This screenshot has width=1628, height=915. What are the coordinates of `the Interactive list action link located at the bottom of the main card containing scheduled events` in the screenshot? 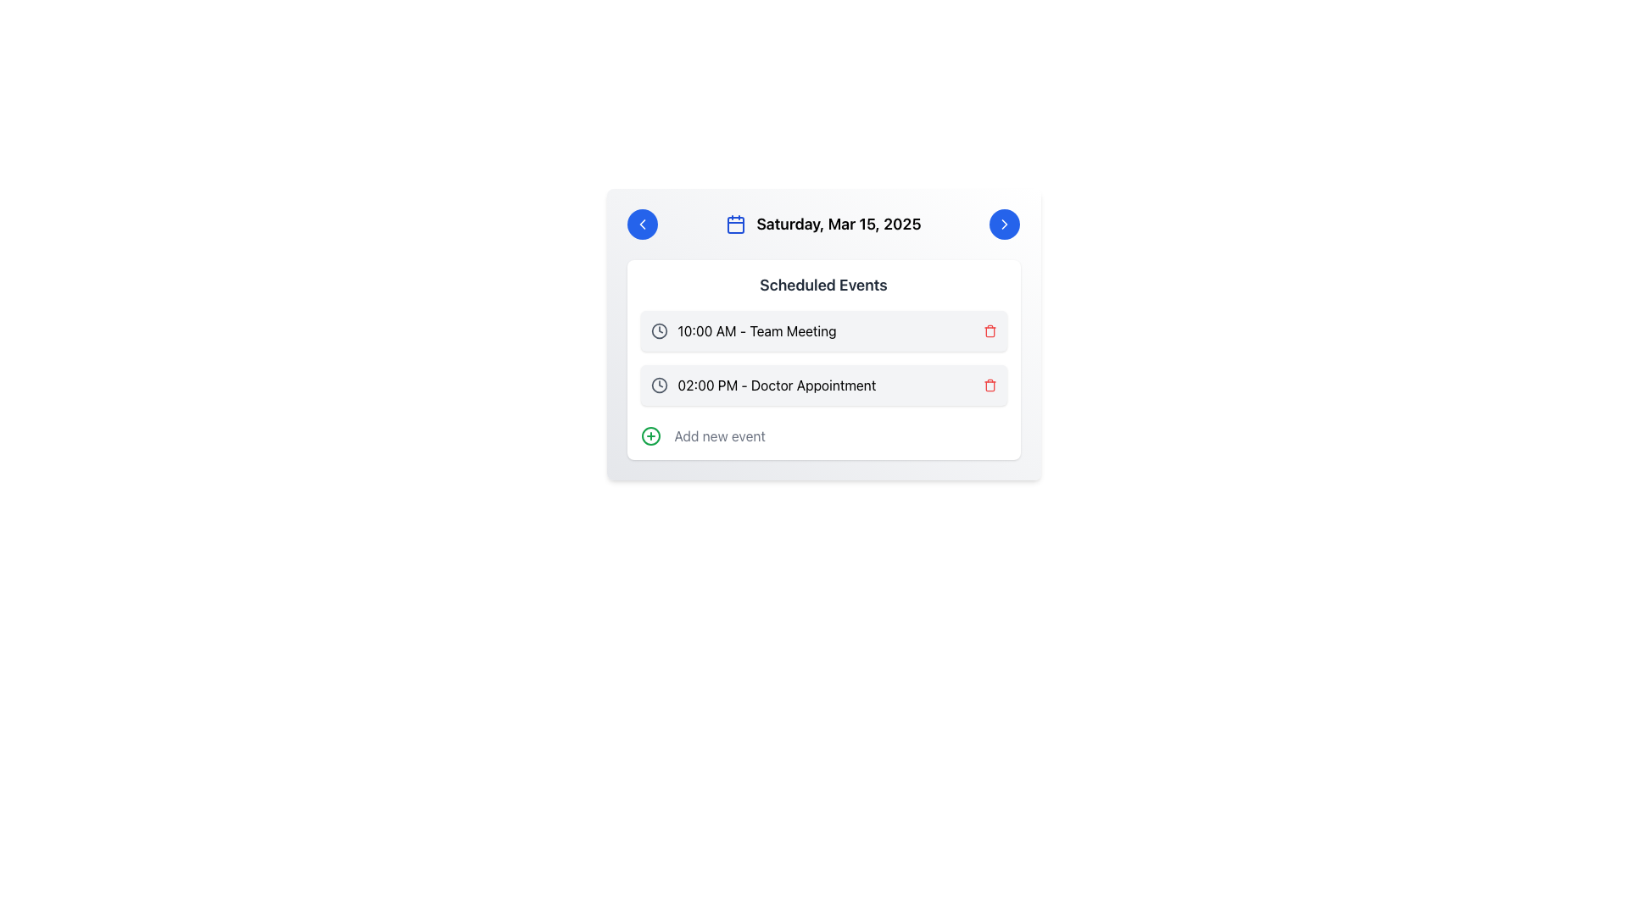 It's located at (823, 435).